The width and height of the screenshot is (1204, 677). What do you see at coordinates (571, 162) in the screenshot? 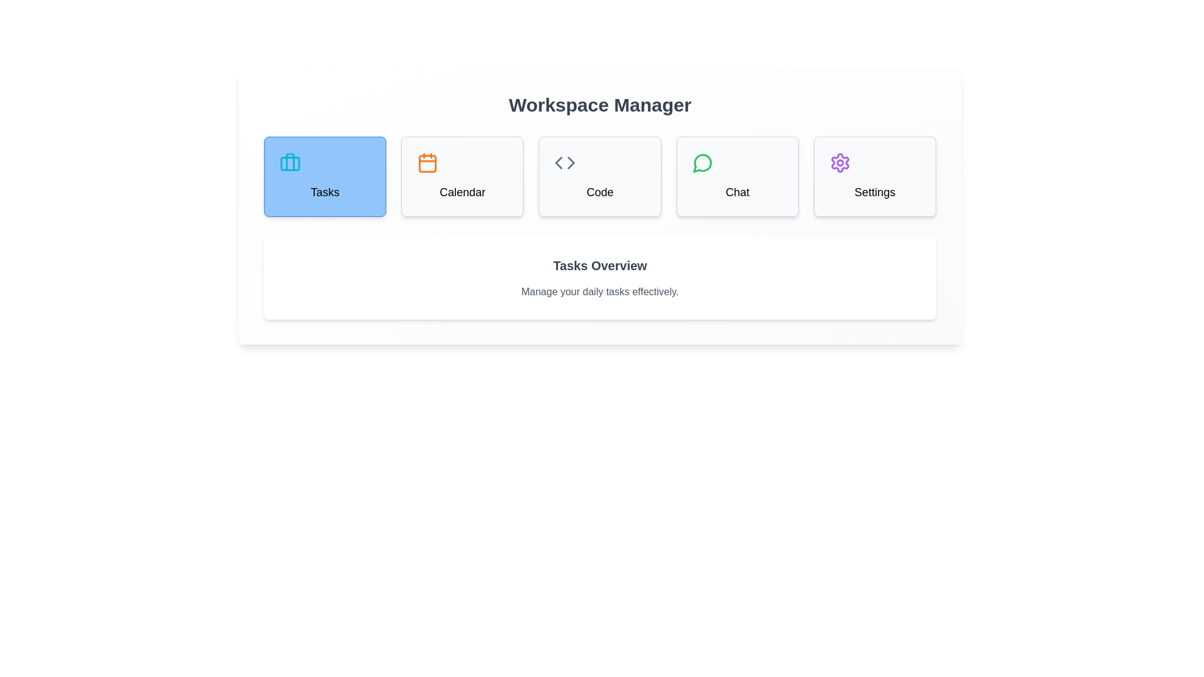
I see `the rightward arrowhead of the 'Code' button icon, which is part of the code-like symbol ('<>') used to visually represent the 'Code' section` at bounding box center [571, 162].